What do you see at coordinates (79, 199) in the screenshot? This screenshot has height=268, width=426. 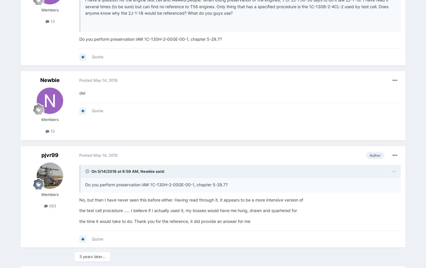 I see `'No, but then I have never seen this before either. Having read through it, it appears to be a more intensive version of'` at bounding box center [79, 199].